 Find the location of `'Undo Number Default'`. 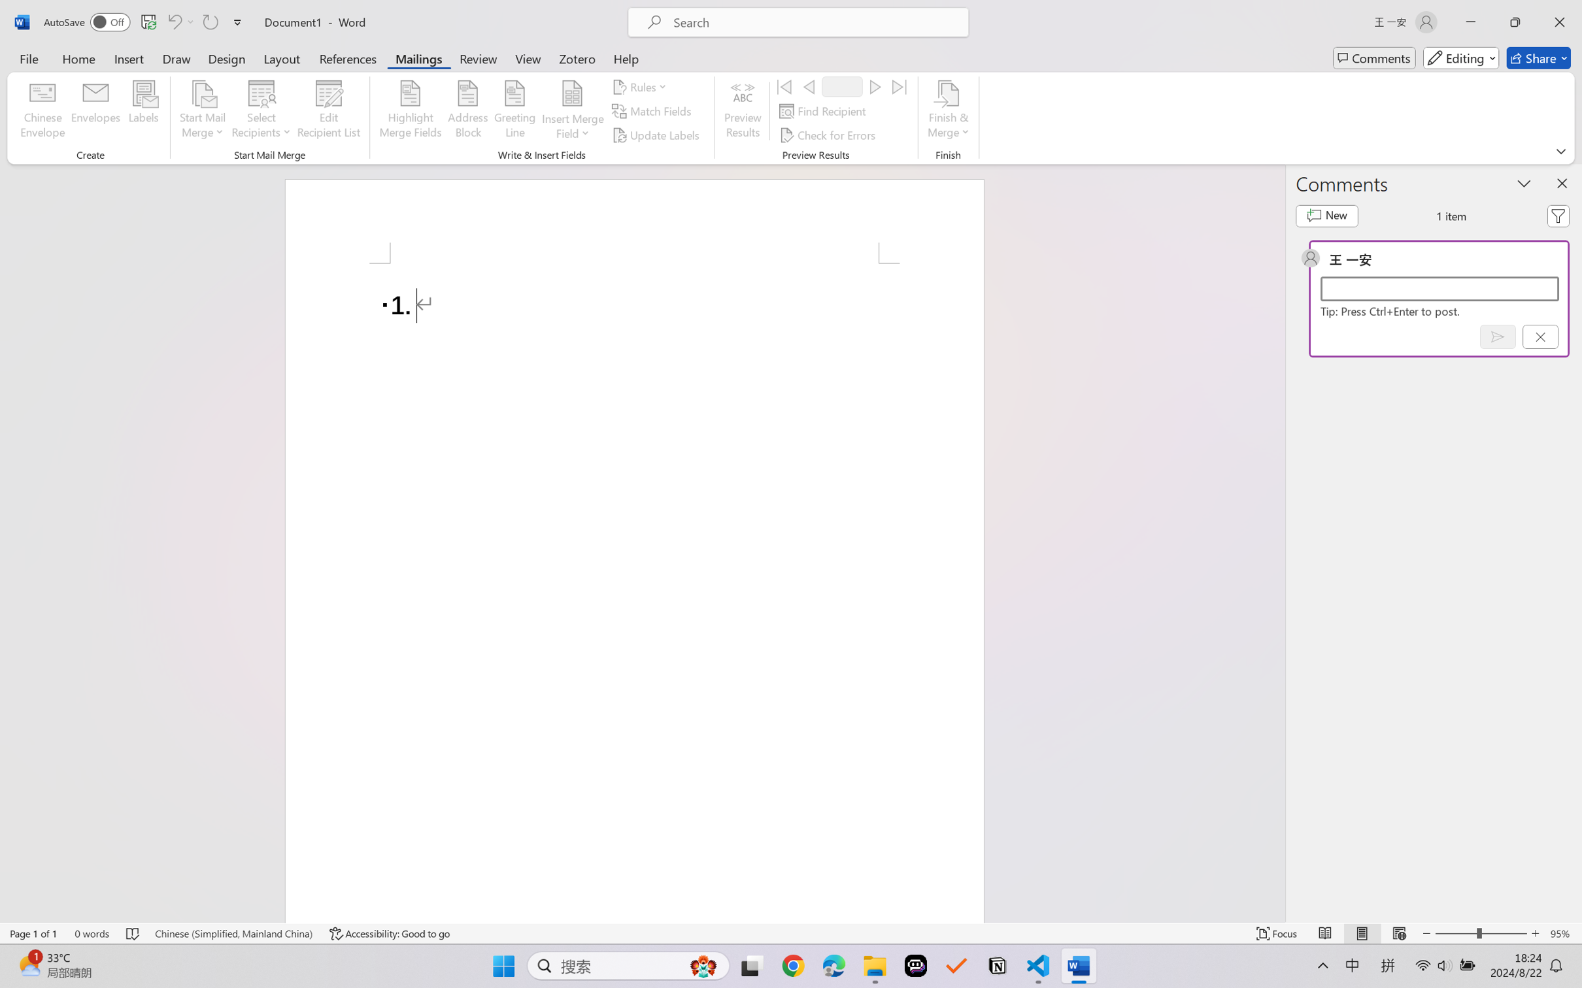

'Undo Number Default' is located at coordinates (173, 22).